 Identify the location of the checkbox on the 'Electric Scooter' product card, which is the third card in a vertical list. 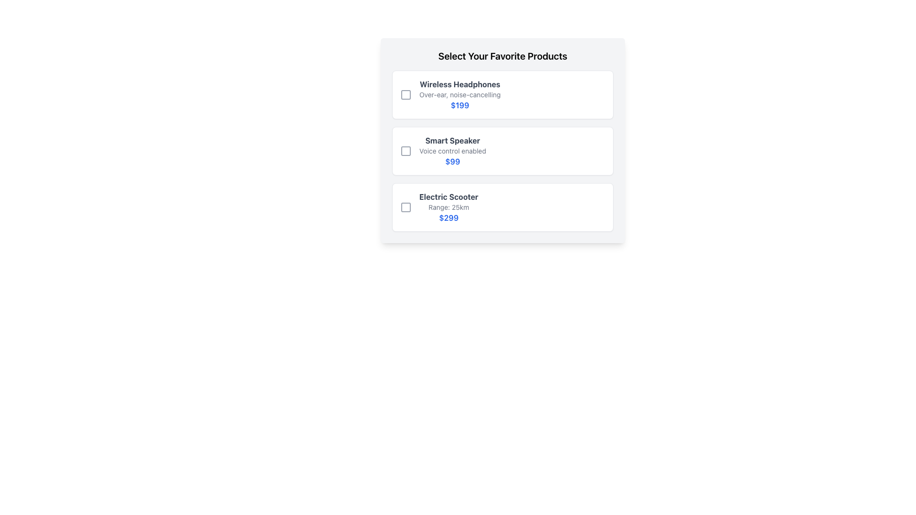
(502, 207).